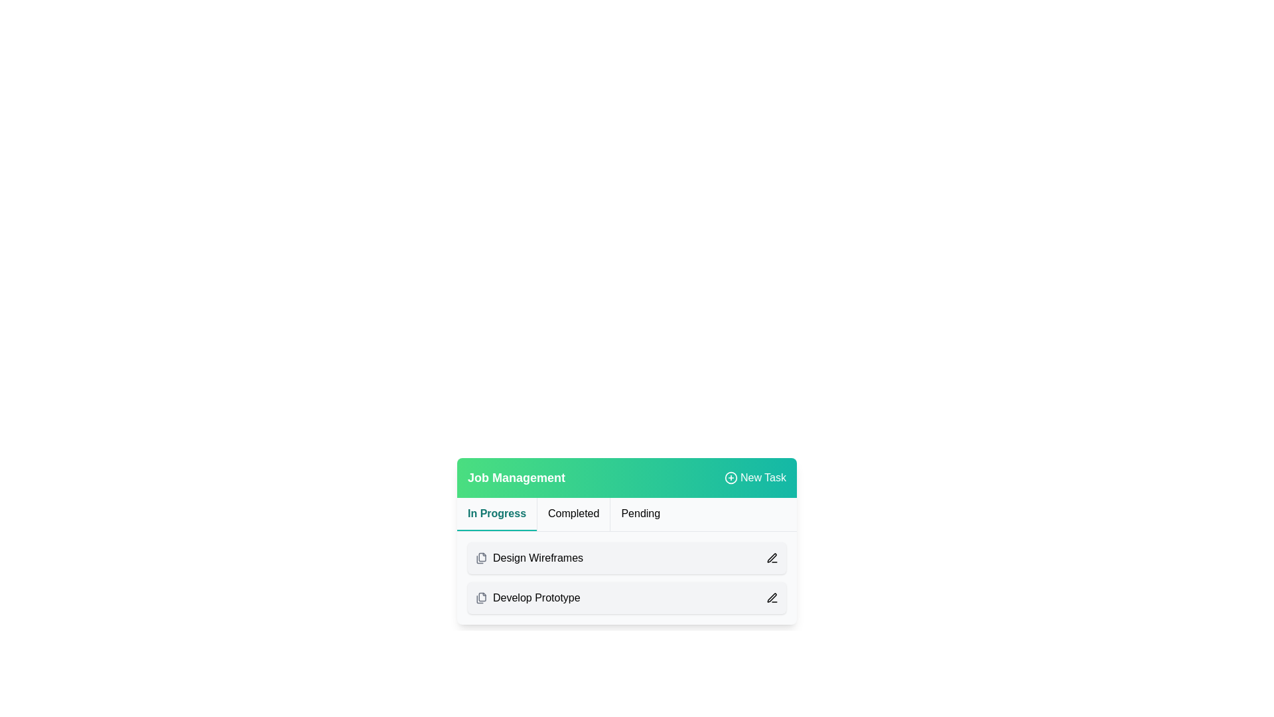 Image resolution: width=1274 pixels, height=717 pixels. Describe the element at coordinates (640, 514) in the screenshot. I see `the 'Pending' status label, which is the rightmost label in the 'Job Management' component, following 'In Progress' and 'Completed'` at that location.